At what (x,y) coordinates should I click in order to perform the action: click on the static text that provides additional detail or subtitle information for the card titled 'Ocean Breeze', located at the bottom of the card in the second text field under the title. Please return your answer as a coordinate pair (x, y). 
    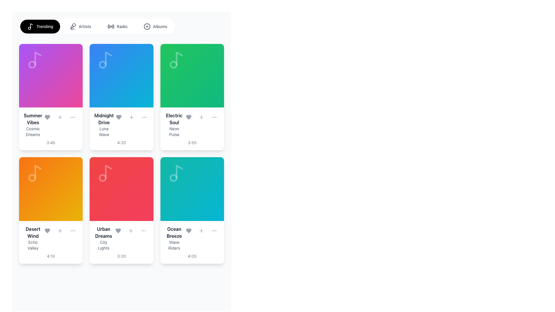
    Looking at the image, I should click on (174, 245).